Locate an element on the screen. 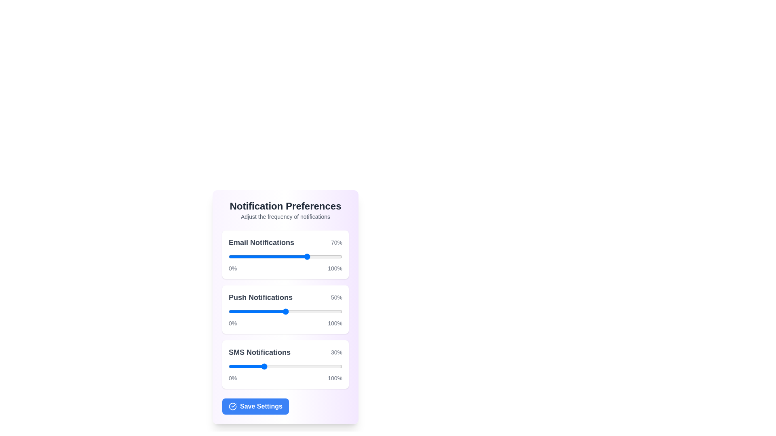 This screenshot has height=436, width=776. the Text Label indicating notification preferences is located at coordinates (285, 205).